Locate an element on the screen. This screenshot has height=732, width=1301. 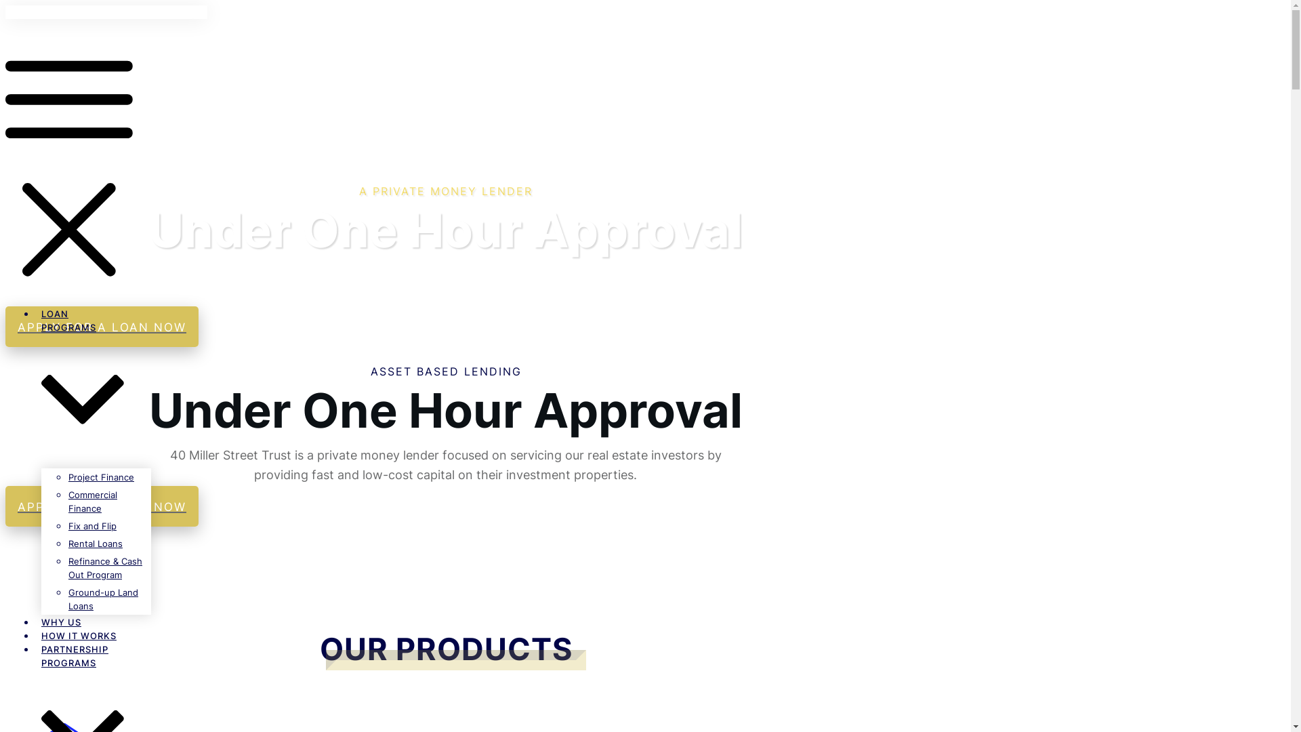
'Rental Loans' is located at coordinates (94, 543).